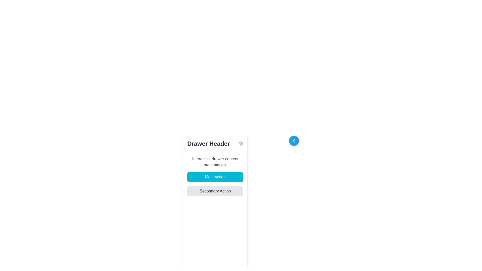  I want to click on the settings icon located on the right side of the 'Drawer Header', so click(240, 144).